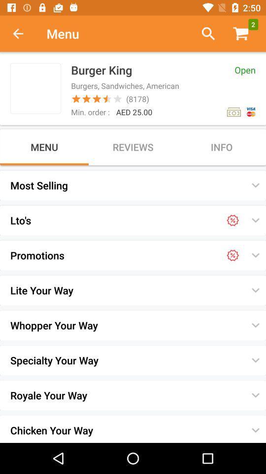  I want to click on item to the left of menu icon, so click(23, 34).